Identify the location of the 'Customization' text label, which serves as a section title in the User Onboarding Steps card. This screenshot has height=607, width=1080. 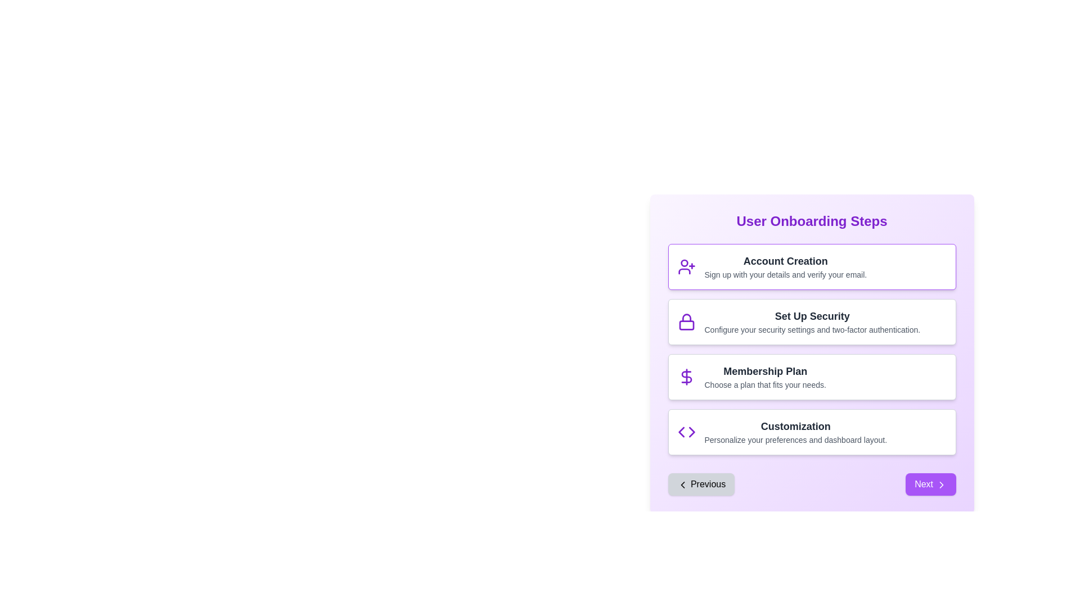
(795, 427).